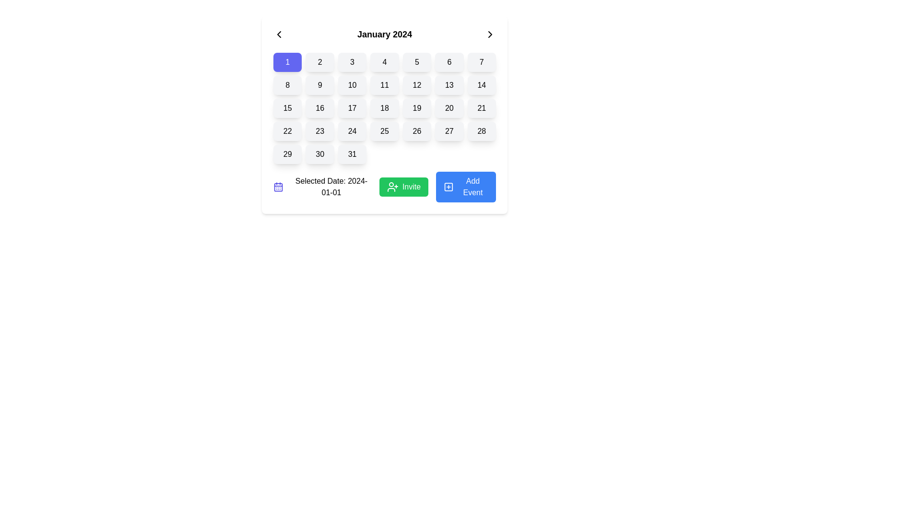 This screenshot has width=921, height=518. I want to click on the button representing the 16th day in the calendar, so click(320, 108).